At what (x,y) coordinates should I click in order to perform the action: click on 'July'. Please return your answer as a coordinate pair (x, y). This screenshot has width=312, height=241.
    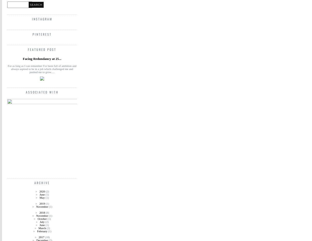
    Looking at the image, I should click on (42, 222).